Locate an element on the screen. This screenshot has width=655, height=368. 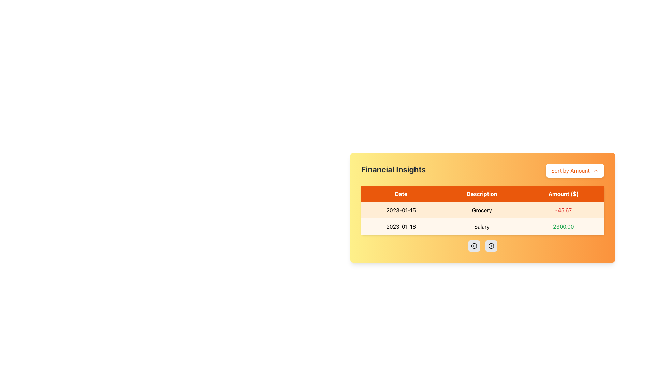
the text content in the second cell of the 'Description' column of the table for the date '2023-01-16' in the 'Financial Insights' card interface is located at coordinates (481, 226).